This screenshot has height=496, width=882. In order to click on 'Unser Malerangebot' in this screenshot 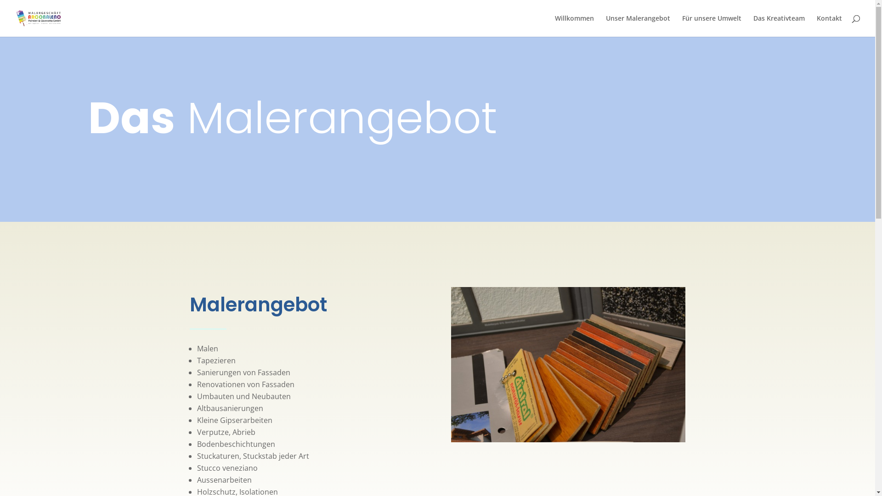, I will do `click(637, 25)`.